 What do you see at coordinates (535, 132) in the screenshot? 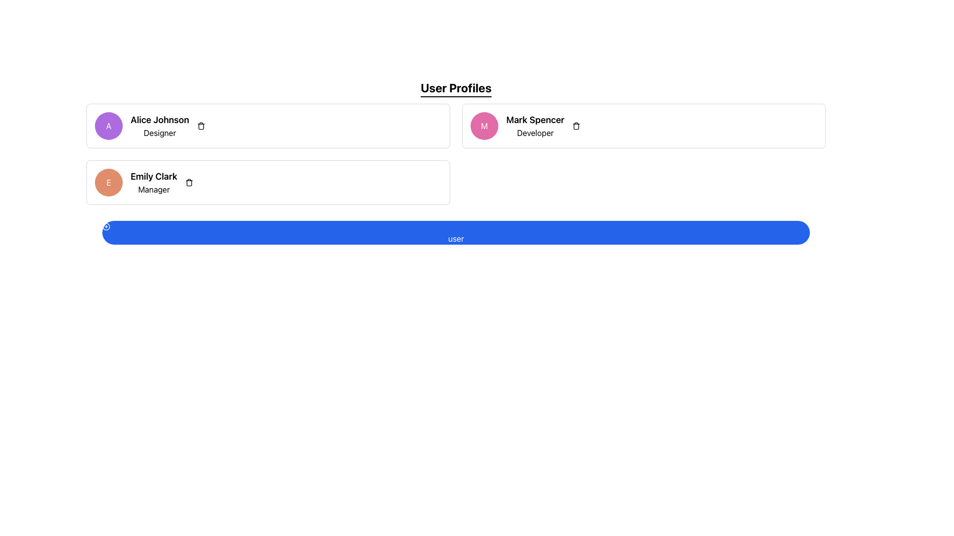
I see `the text label indicating the professional title 'Developer' of the user 'Mark Spencer', which is located below the name within the profile card` at bounding box center [535, 132].